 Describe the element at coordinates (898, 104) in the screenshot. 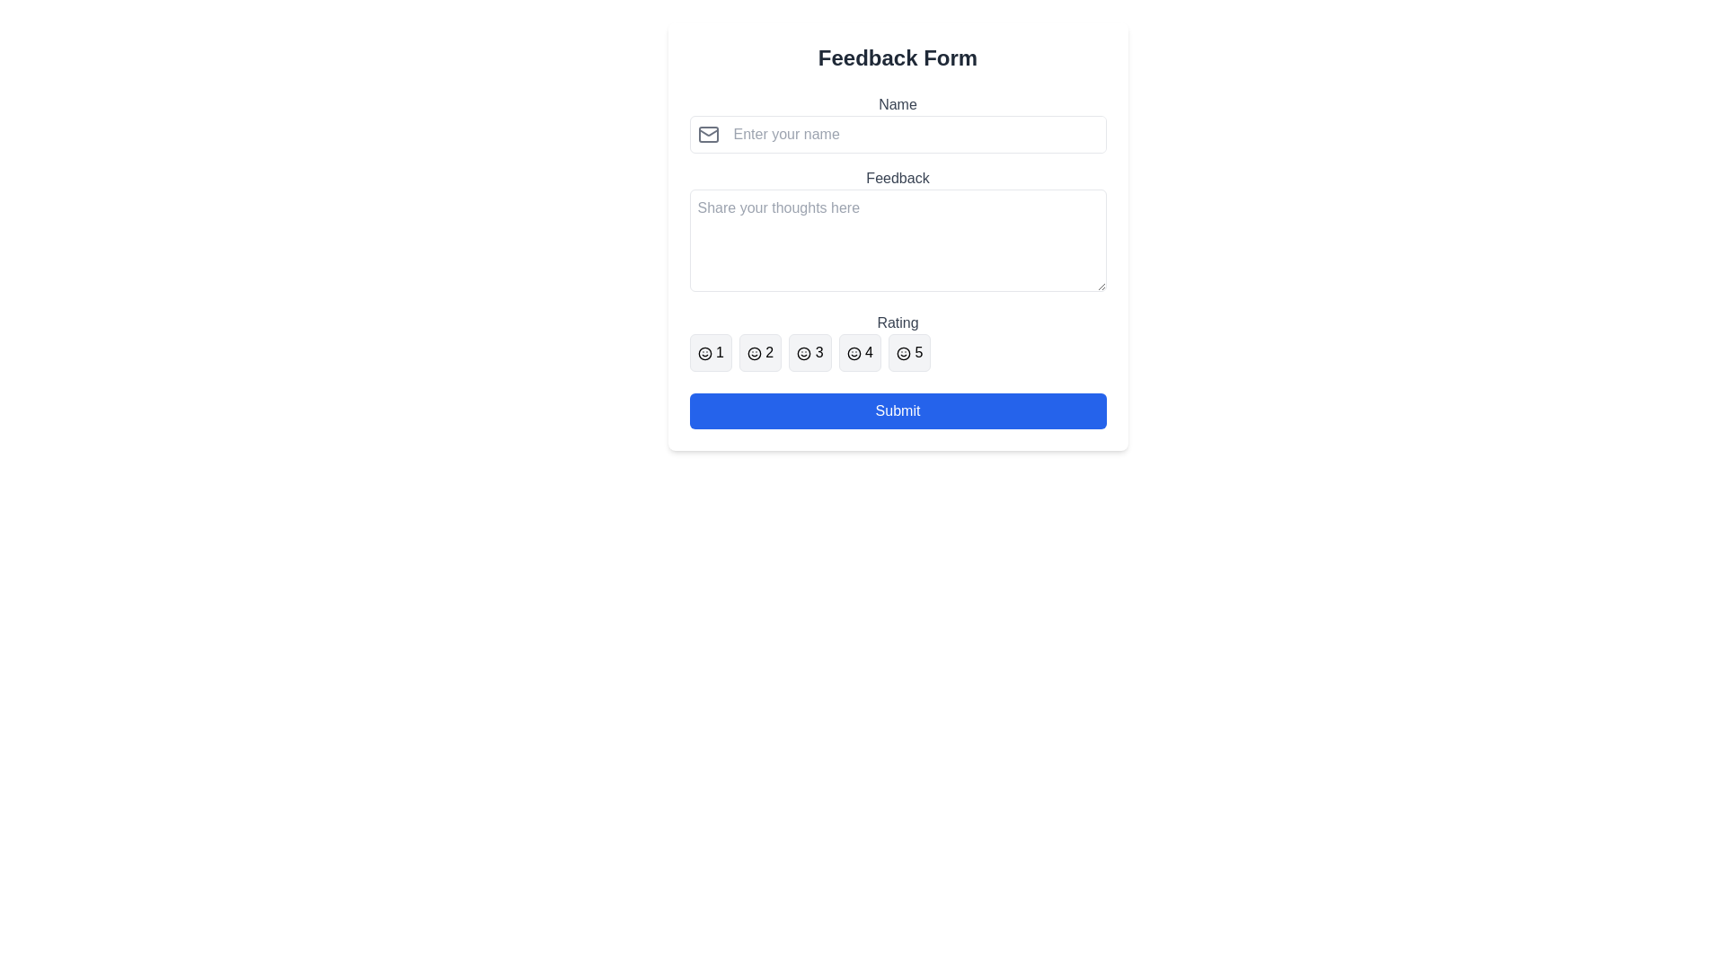

I see `the text label displaying 'Name' in gray color, located at the top of the form section above the 'Enter your name' input field` at that location.